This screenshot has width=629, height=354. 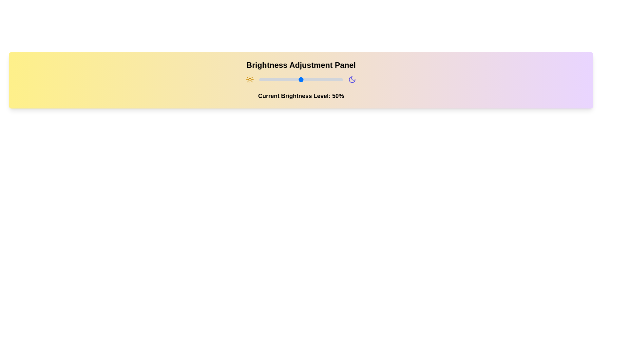 I want to click on the brightness slider to 92% to observe changes in the visual feedback of the sun and moon icons, so click(x=336, y=79).